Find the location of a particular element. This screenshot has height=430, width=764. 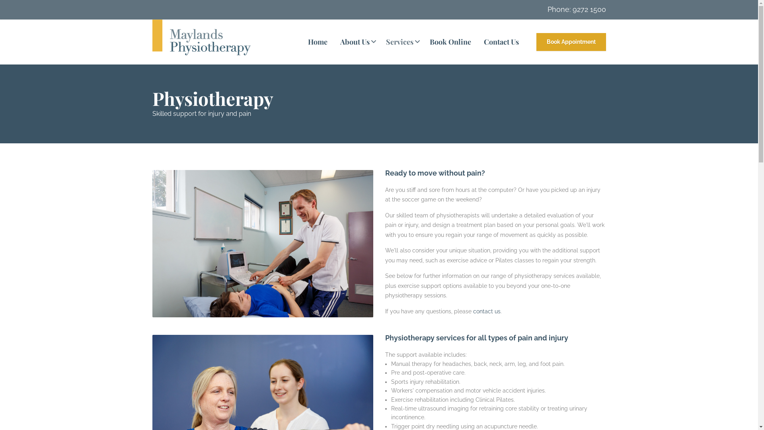

'Book Appointment' is located at coordinates (571, 41).